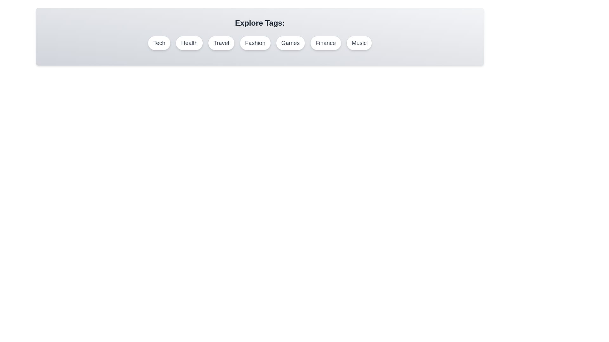  I want to click on the tag labeled Games to deselect it, so click(290, 43).